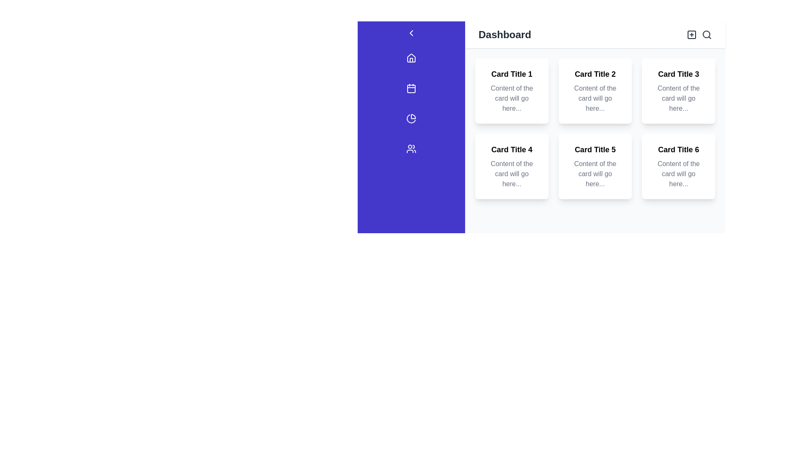  Describe the element at coordinates (678, 174) in the screenshot. I see `the text component displaying 'Content of the card will go here...' which is styled in light grey and located below 'Card Title 6' in the sixth card of the grid layout` at that location.